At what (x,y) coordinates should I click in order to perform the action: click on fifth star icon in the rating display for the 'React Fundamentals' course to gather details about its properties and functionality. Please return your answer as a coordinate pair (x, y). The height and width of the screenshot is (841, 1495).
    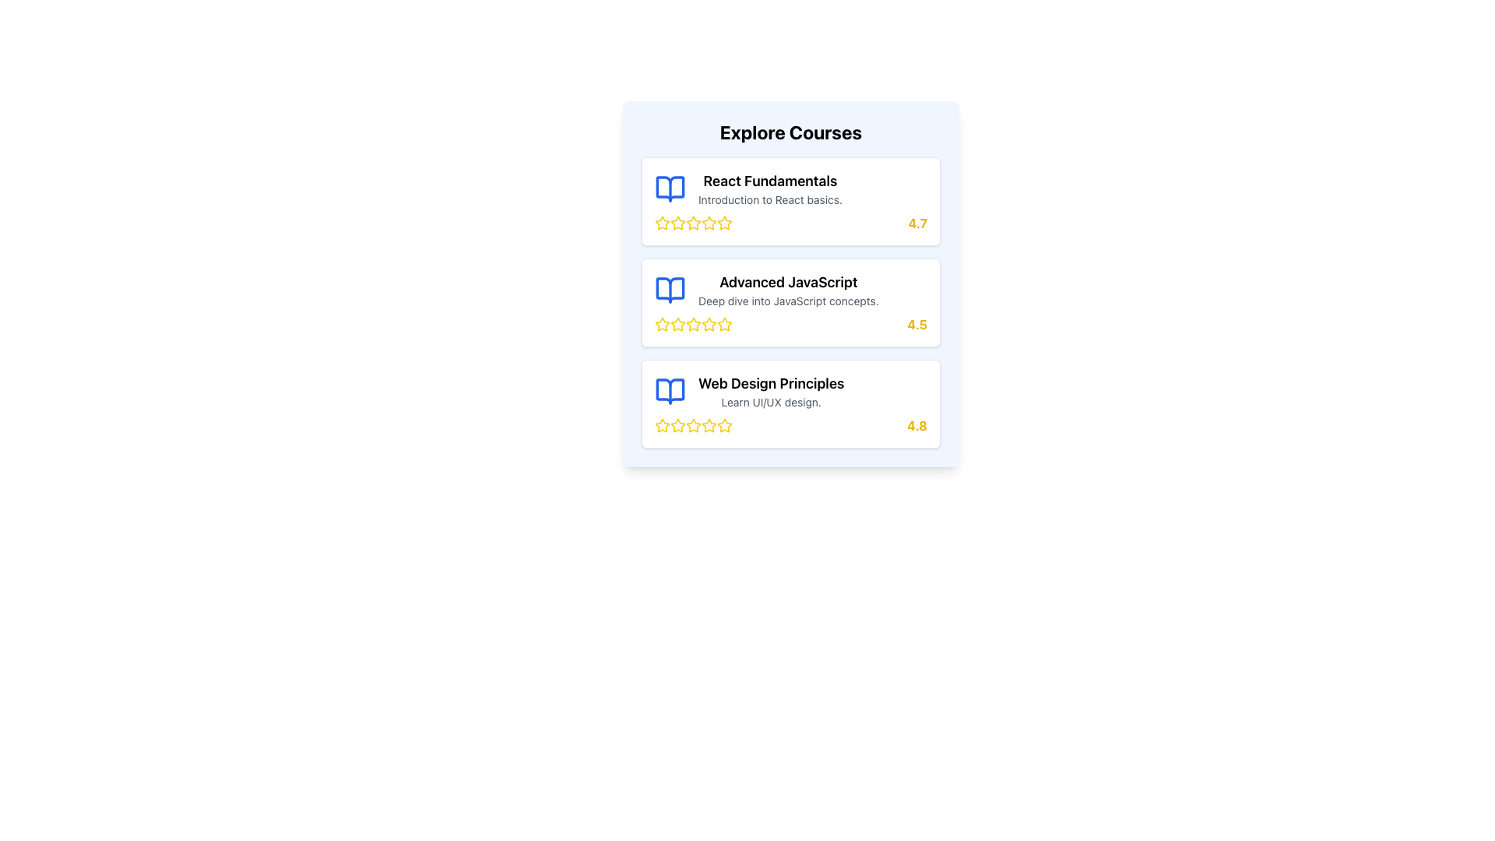
    Looking at the image, I should click on (693, 223).